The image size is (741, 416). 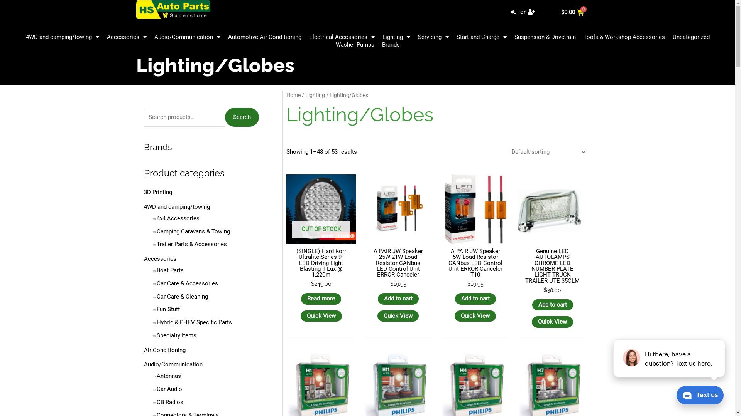 What do you see at coordinates (176, 206) in the screenshot?
I see `'4WD and camping/towing'` at bounding box center [176, 206].